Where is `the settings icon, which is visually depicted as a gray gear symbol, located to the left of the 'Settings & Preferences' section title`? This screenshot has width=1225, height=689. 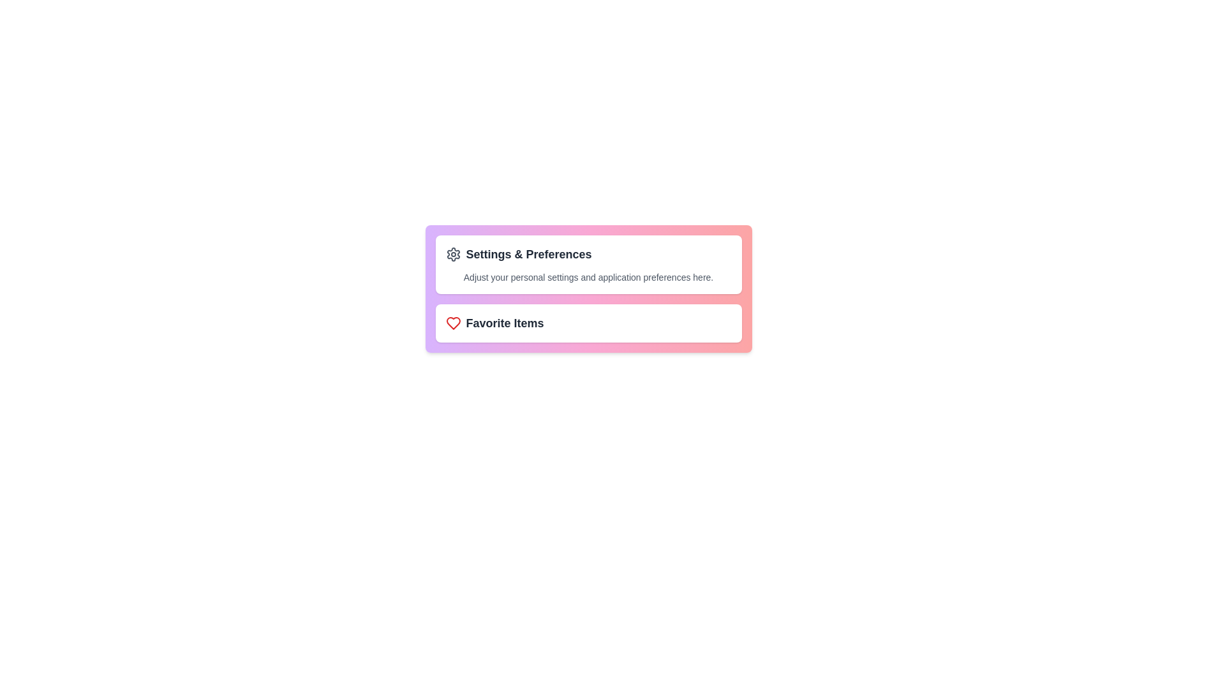 the settings icon, which is visually depicted as a gray gear symbol, located to the left of the 'Settings & Preferences' section title is located at coordinates (453, 254).